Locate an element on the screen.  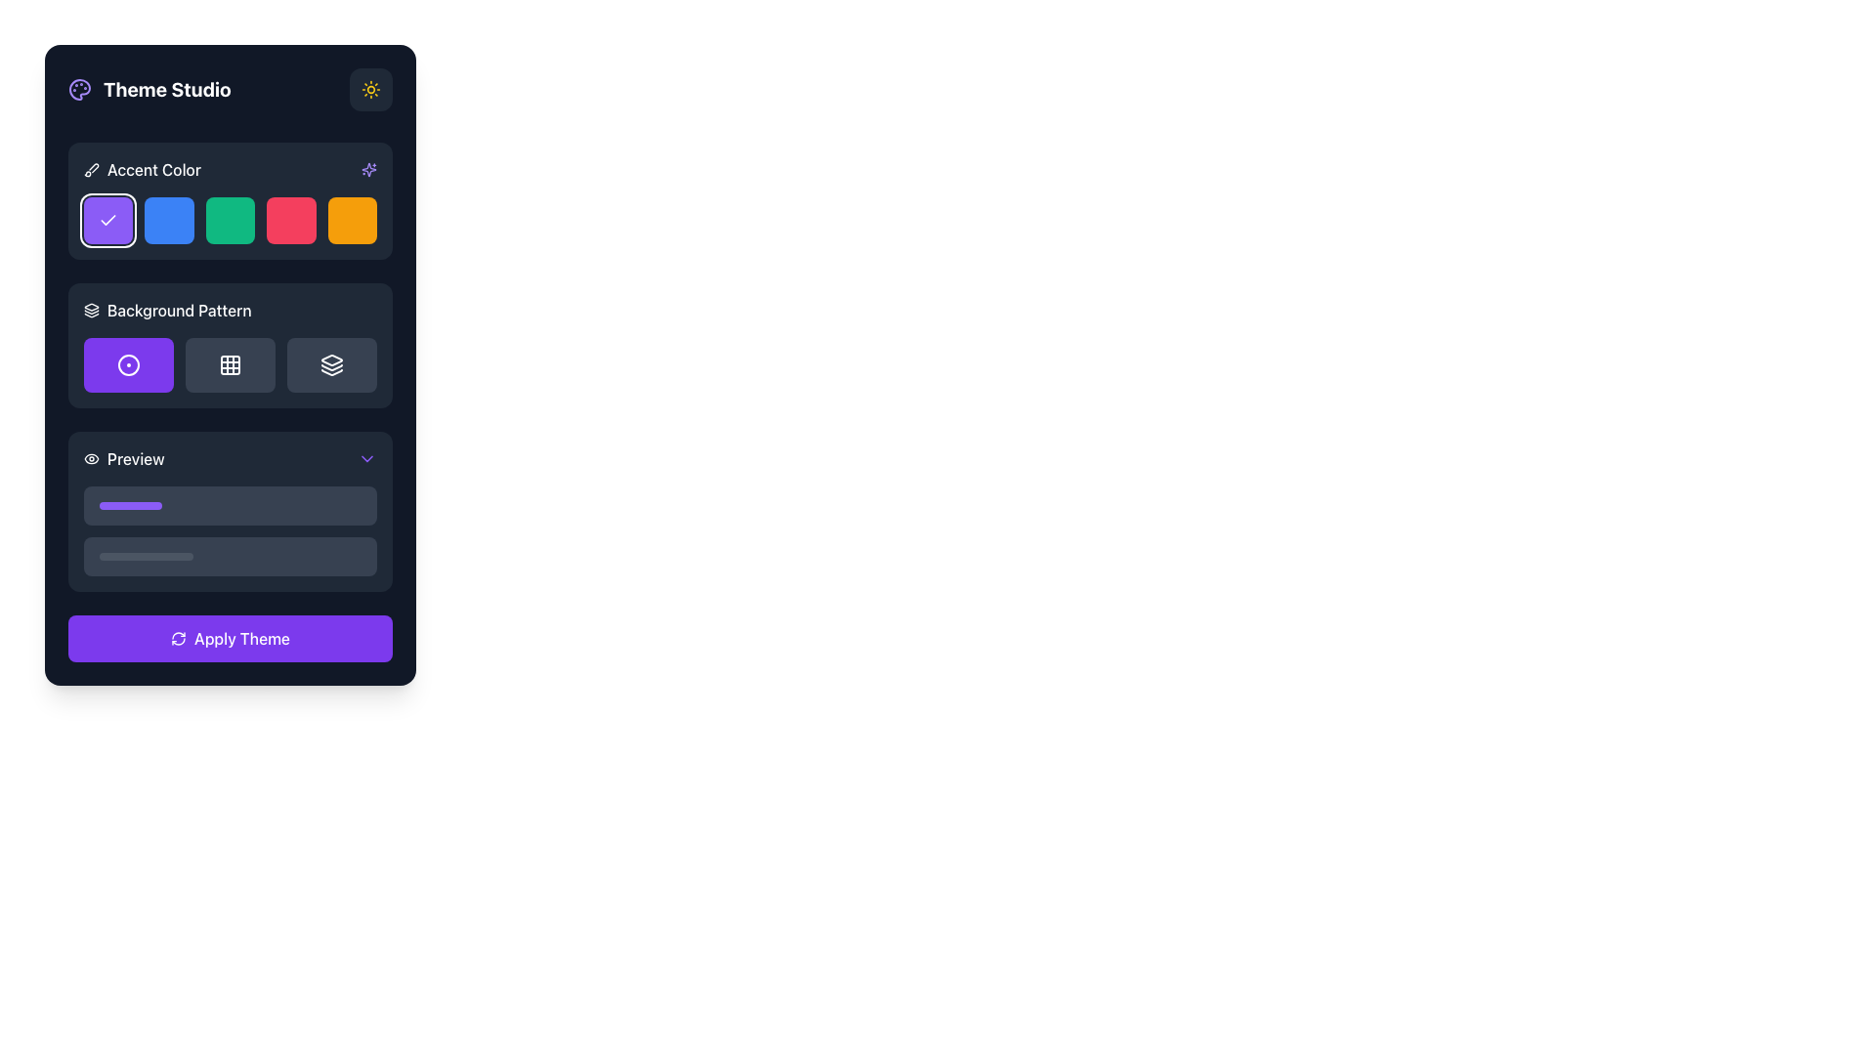
the refresh icon within the 'Apply Theme' button, which is located near the bottom of the interface is located at coordinates (178, 639).